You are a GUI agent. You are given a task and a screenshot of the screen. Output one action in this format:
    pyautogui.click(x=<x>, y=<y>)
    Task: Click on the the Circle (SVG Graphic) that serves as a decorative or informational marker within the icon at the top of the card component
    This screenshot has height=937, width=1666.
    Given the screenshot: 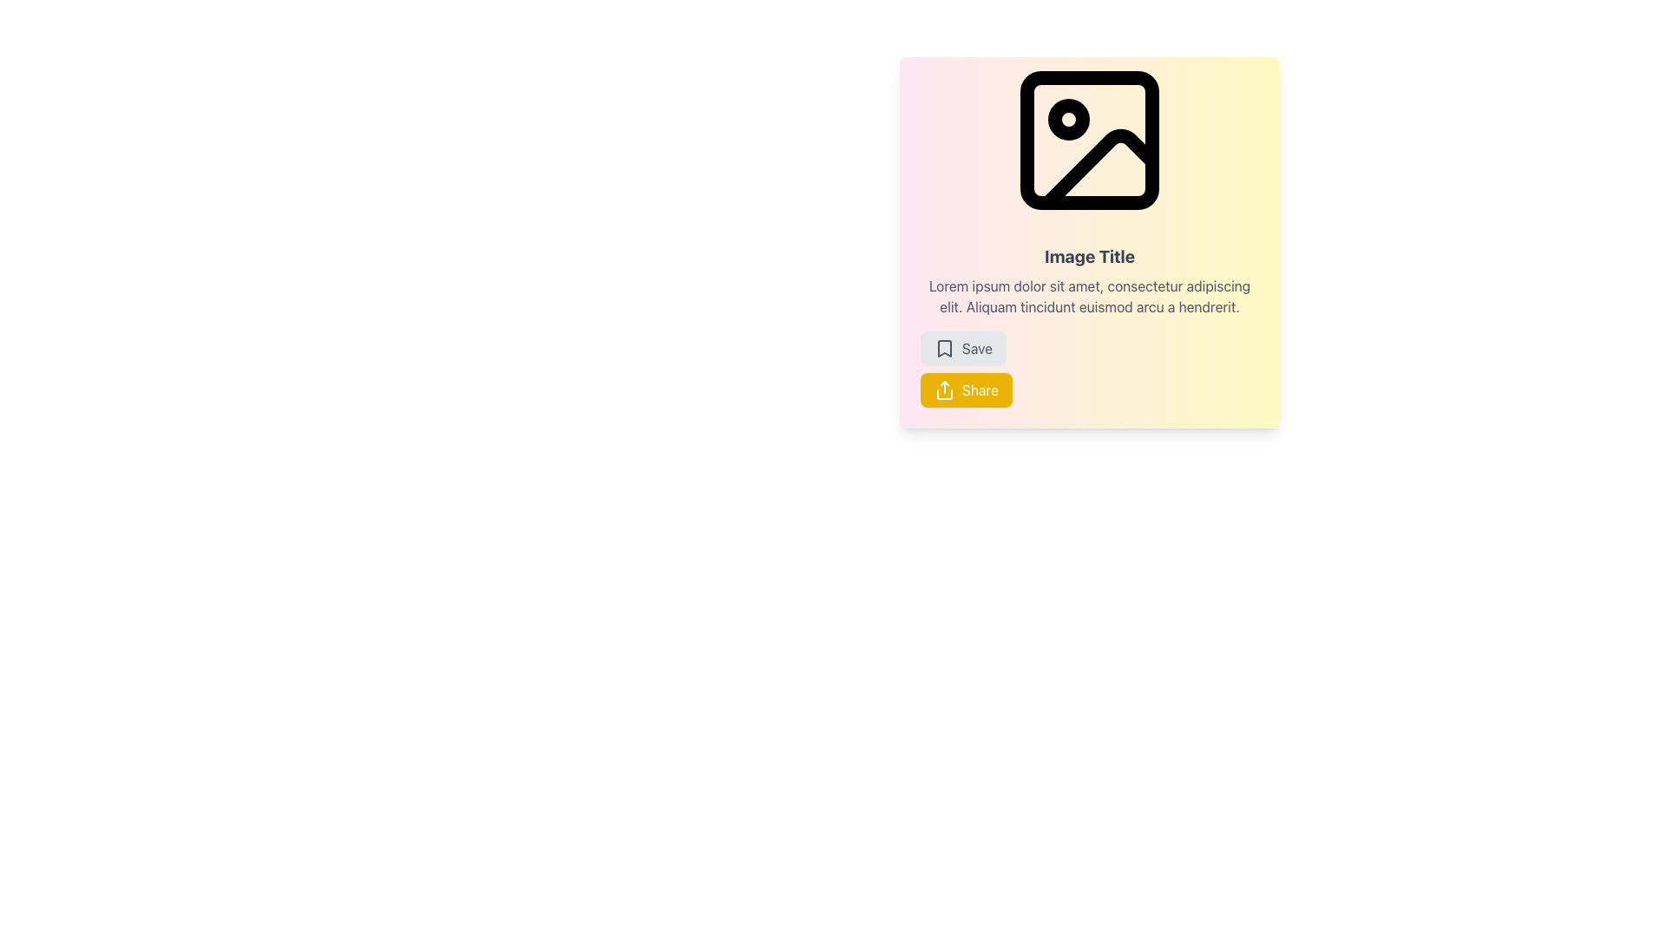 What is the action you would take?
    pyautogui.click(x=1068, y=119)
    